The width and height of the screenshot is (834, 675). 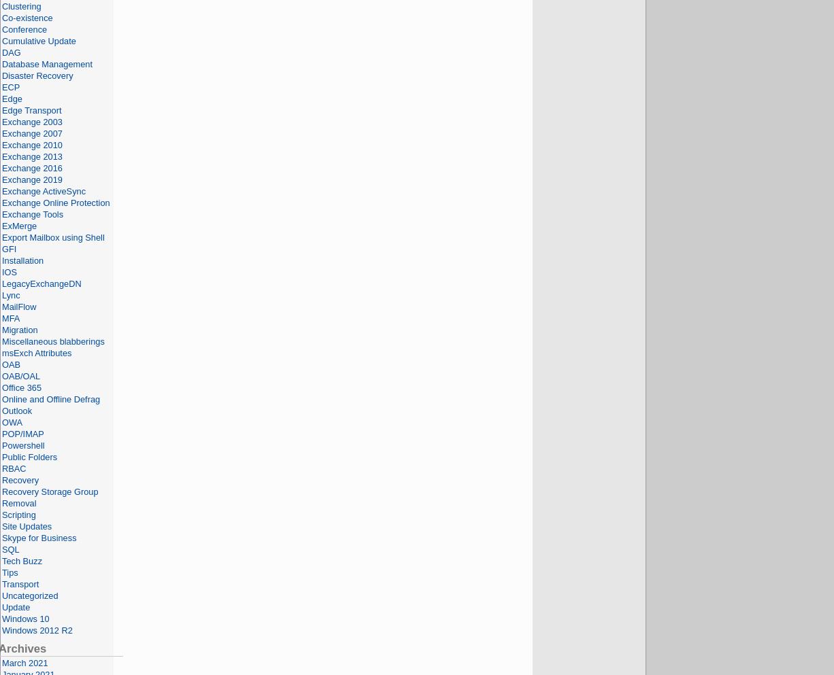 What do you see at coordinates (11, 52) in the screenshot?
I see `'DAG'` at bounding box center [11, 52].